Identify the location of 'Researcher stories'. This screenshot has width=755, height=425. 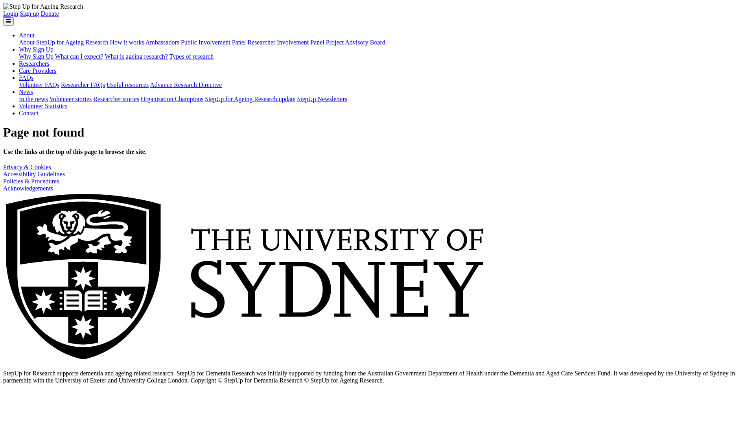
(116, 98).